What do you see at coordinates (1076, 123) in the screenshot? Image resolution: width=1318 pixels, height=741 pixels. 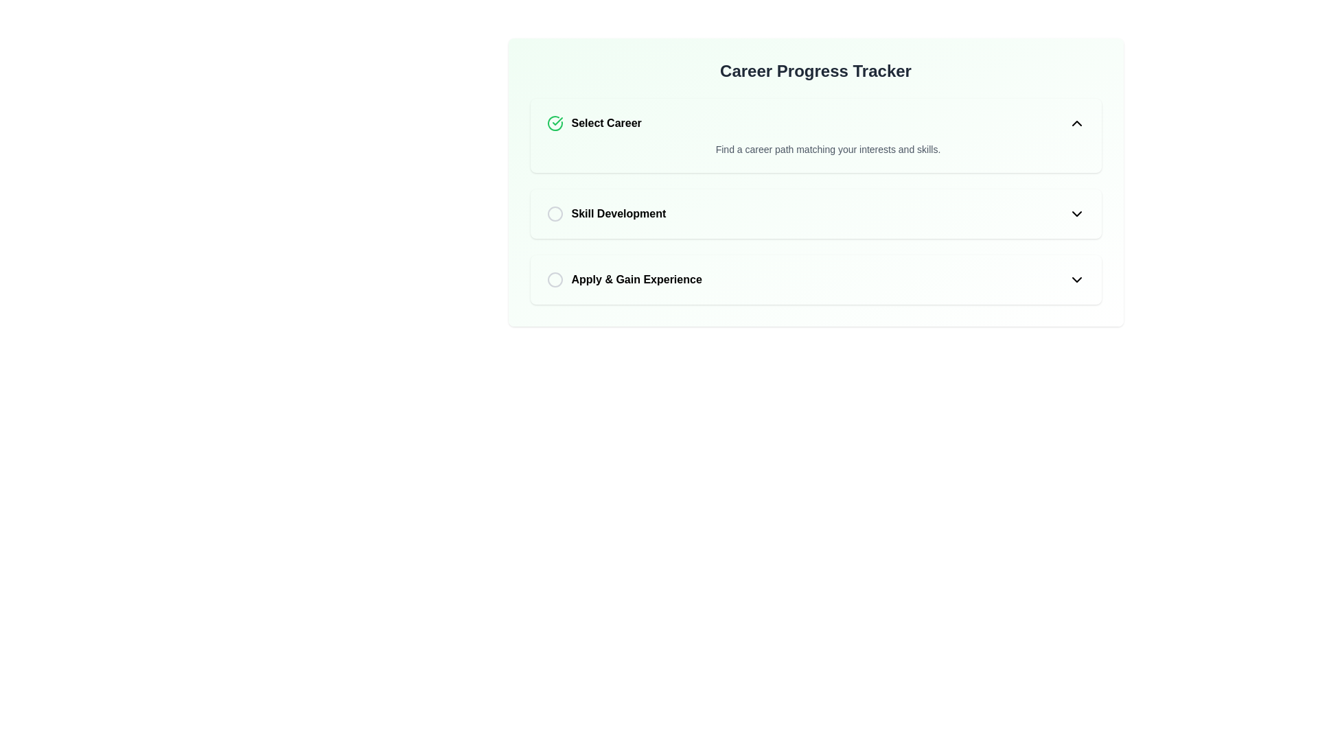 I see `the icon located at the far right of the 'Select Career' section header` at bounding box center [1076, 123].